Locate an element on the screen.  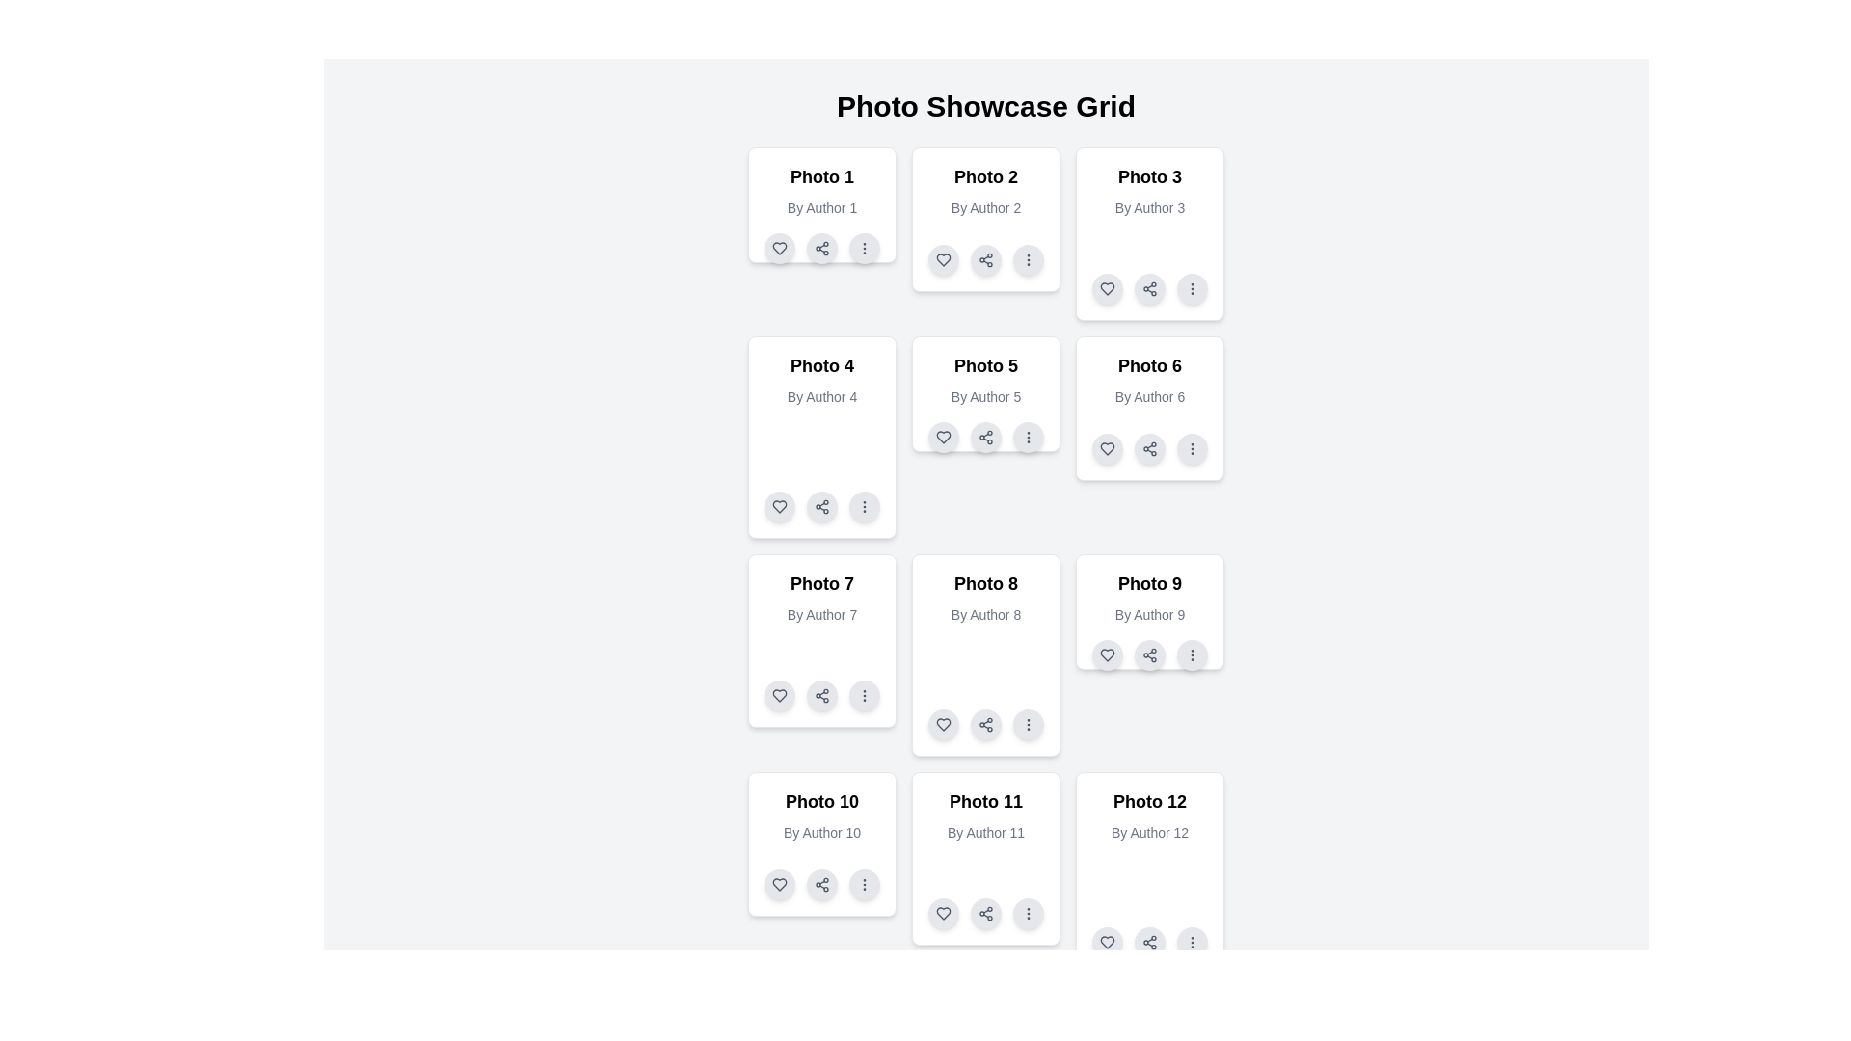
the sharing button located in the middle of three icons at the bottom of the card labeled 'Photo 11 By Author 11' is located at coordinates (985, 913).